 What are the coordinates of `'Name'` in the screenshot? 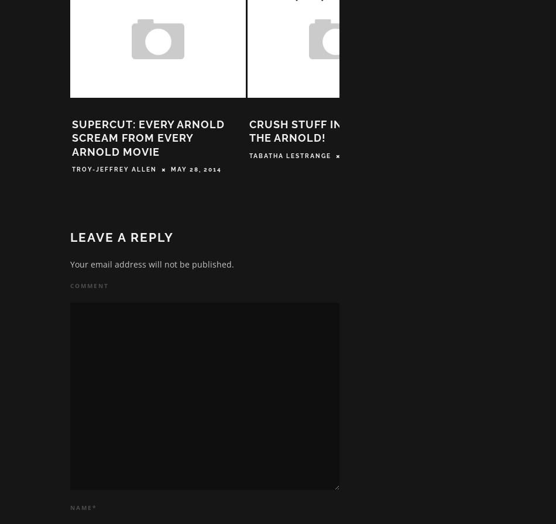 It's located at (81, 509).